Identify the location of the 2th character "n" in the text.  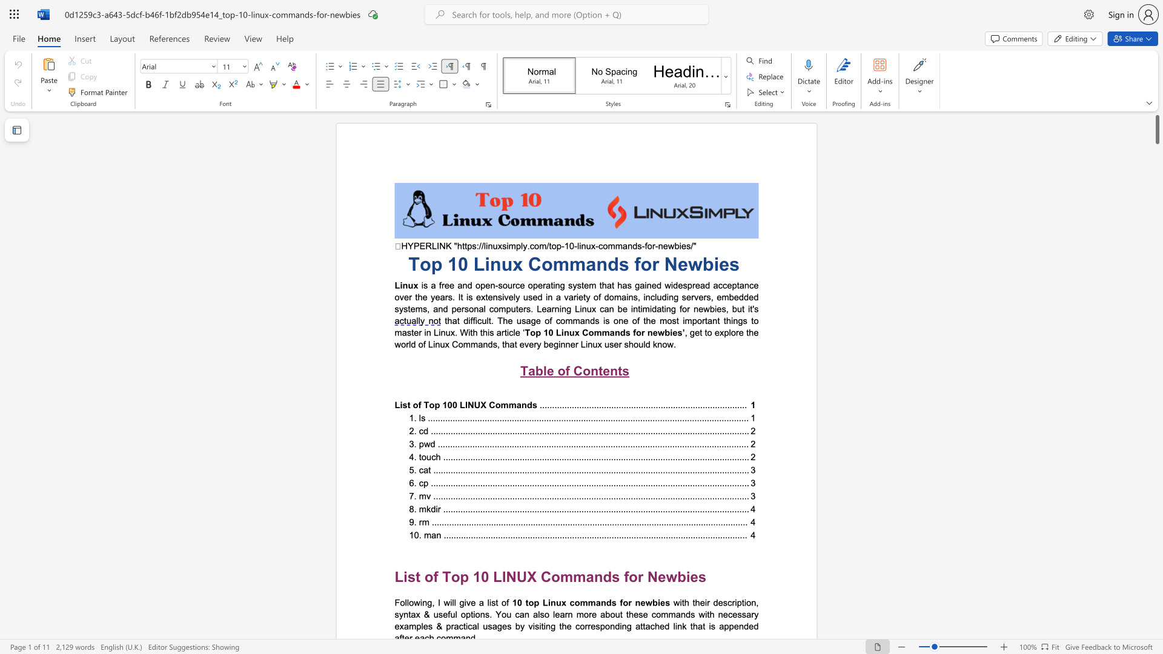
(715, 320).